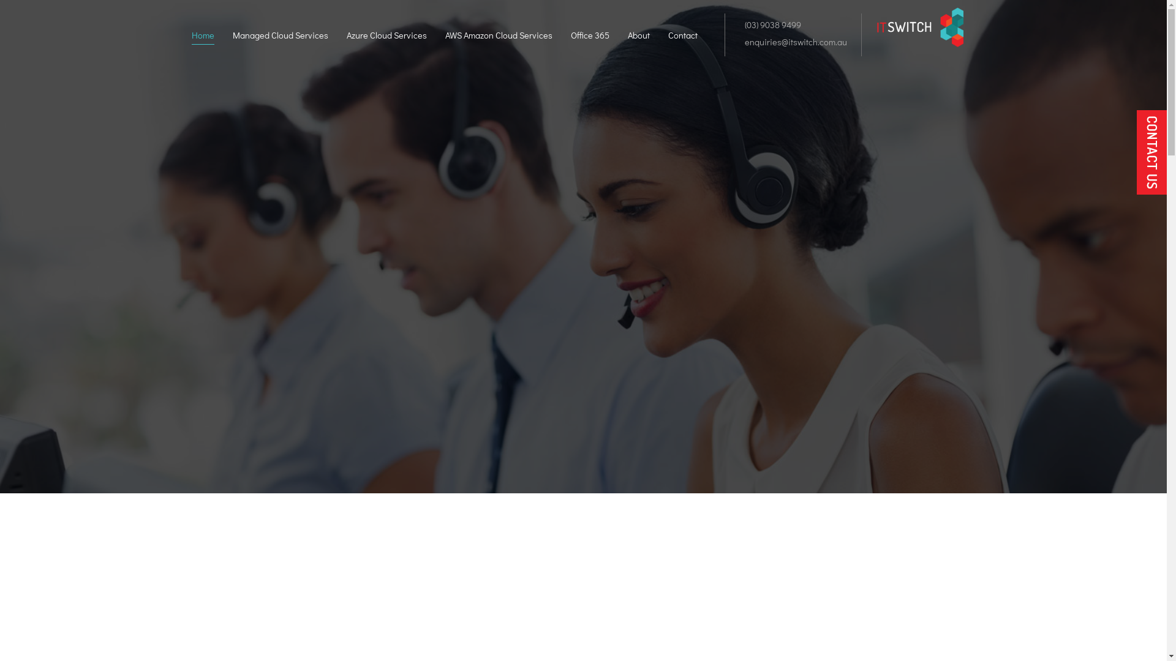 Image resolution: width=1176 pixels, height=661 pixels. What do you see at coordinates (202, 36) in the screenshot?
I see `'Home'` at bounding box center [202, 36].